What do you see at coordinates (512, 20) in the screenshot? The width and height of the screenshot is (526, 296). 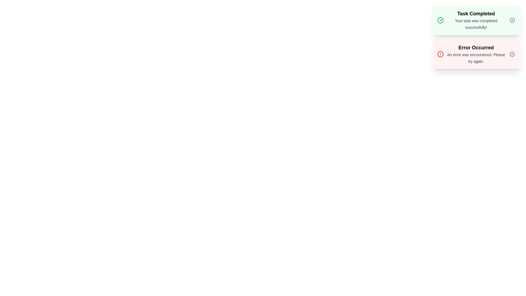 I see `the circular icon with a cross symbol inside the green notification box labeled 'Task Completed'` at bounding box center [512, 20].